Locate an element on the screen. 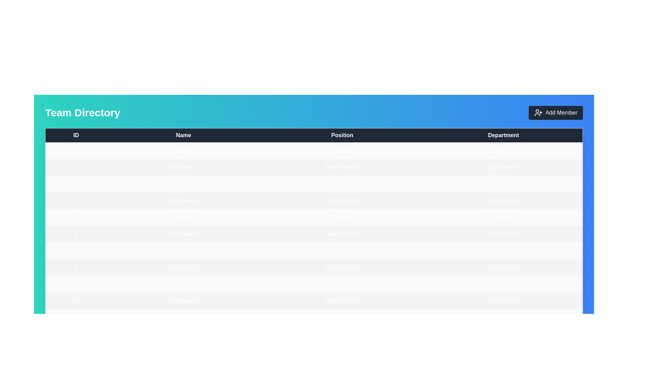 This screenshot has width=667, height=375. 'Add Member' button to initiate the process of adding a new member is located at coordinates (555, 112).